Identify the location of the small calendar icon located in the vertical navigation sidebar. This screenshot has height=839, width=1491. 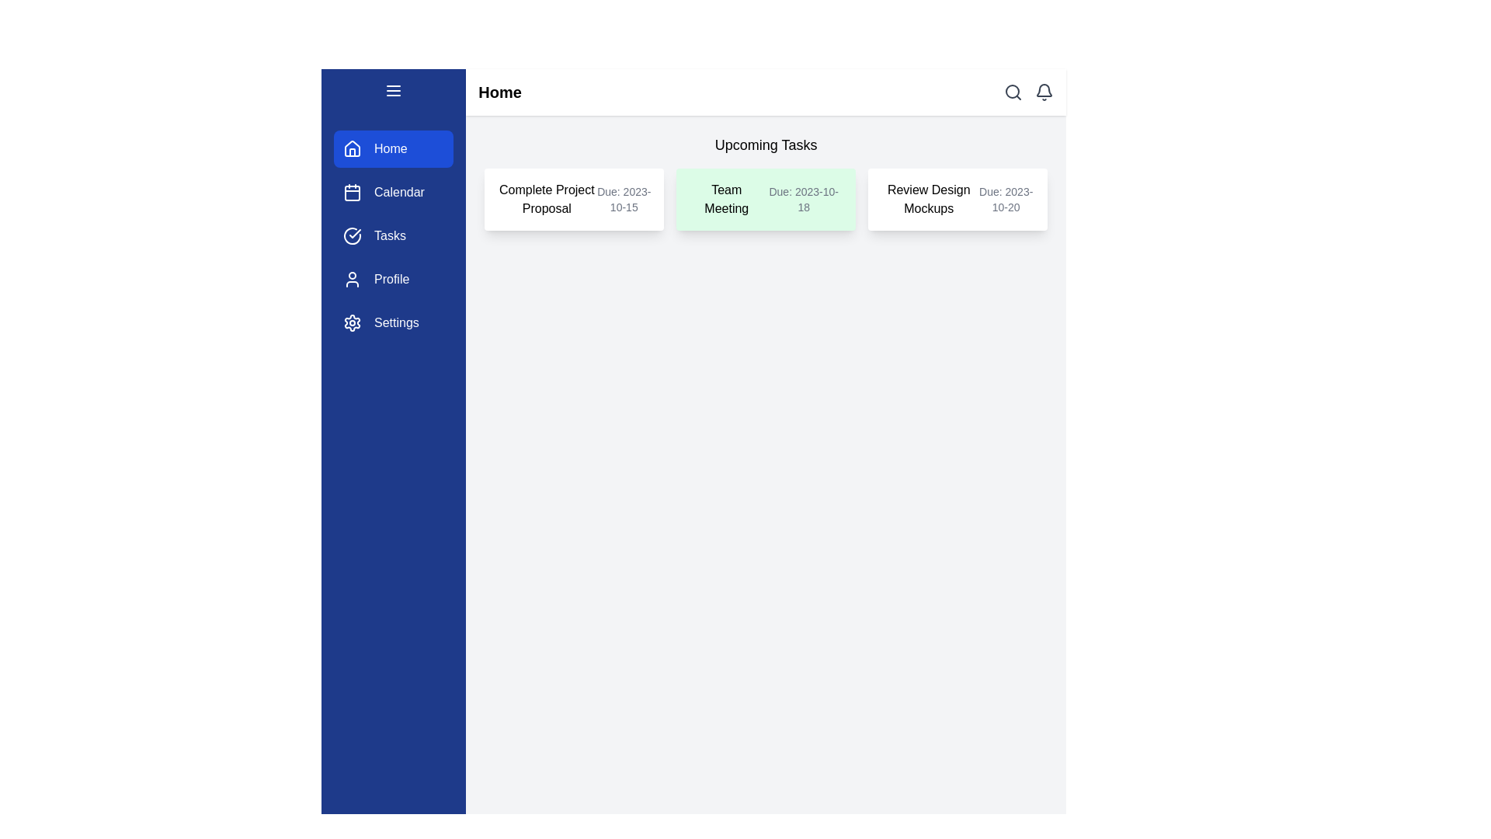
(352, 191).